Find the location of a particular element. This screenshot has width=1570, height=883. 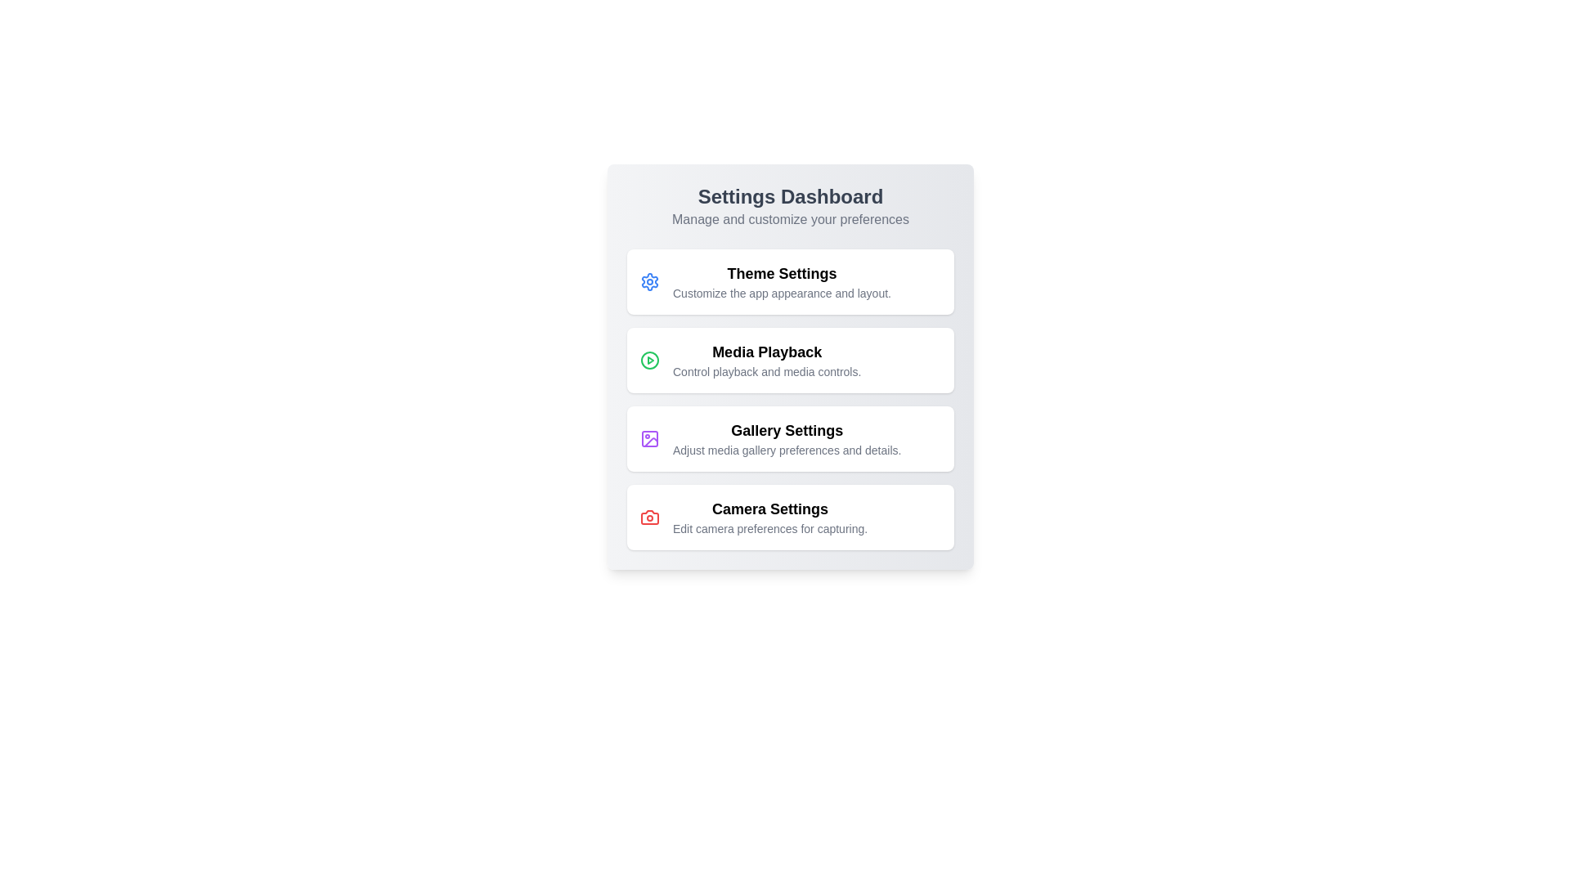

the settings button located on the 'Settings Dashboard', which is the third item in a vertically-stacked list of cards, positioned below 'Media Playback' and above 'Camera Settings' is located at coordinates (790, 437).